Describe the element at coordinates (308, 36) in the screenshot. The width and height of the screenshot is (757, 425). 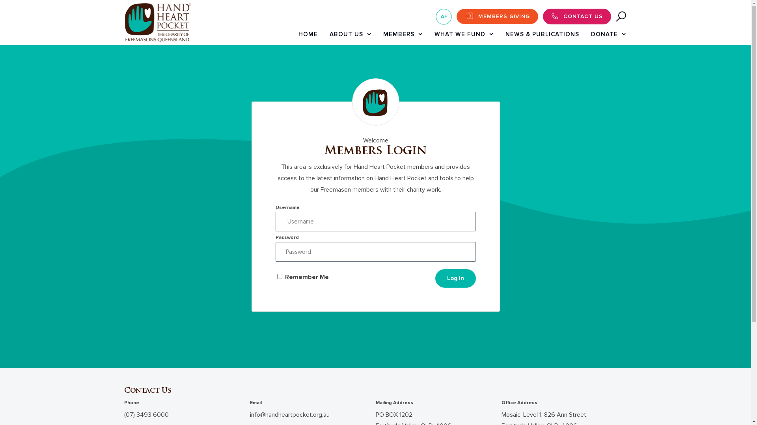
I see `'HOME'` at that location.